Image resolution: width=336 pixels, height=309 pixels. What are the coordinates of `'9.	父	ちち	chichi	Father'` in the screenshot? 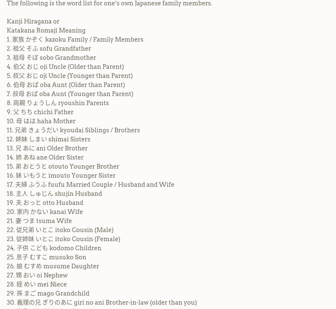 It's located at (40, 112).